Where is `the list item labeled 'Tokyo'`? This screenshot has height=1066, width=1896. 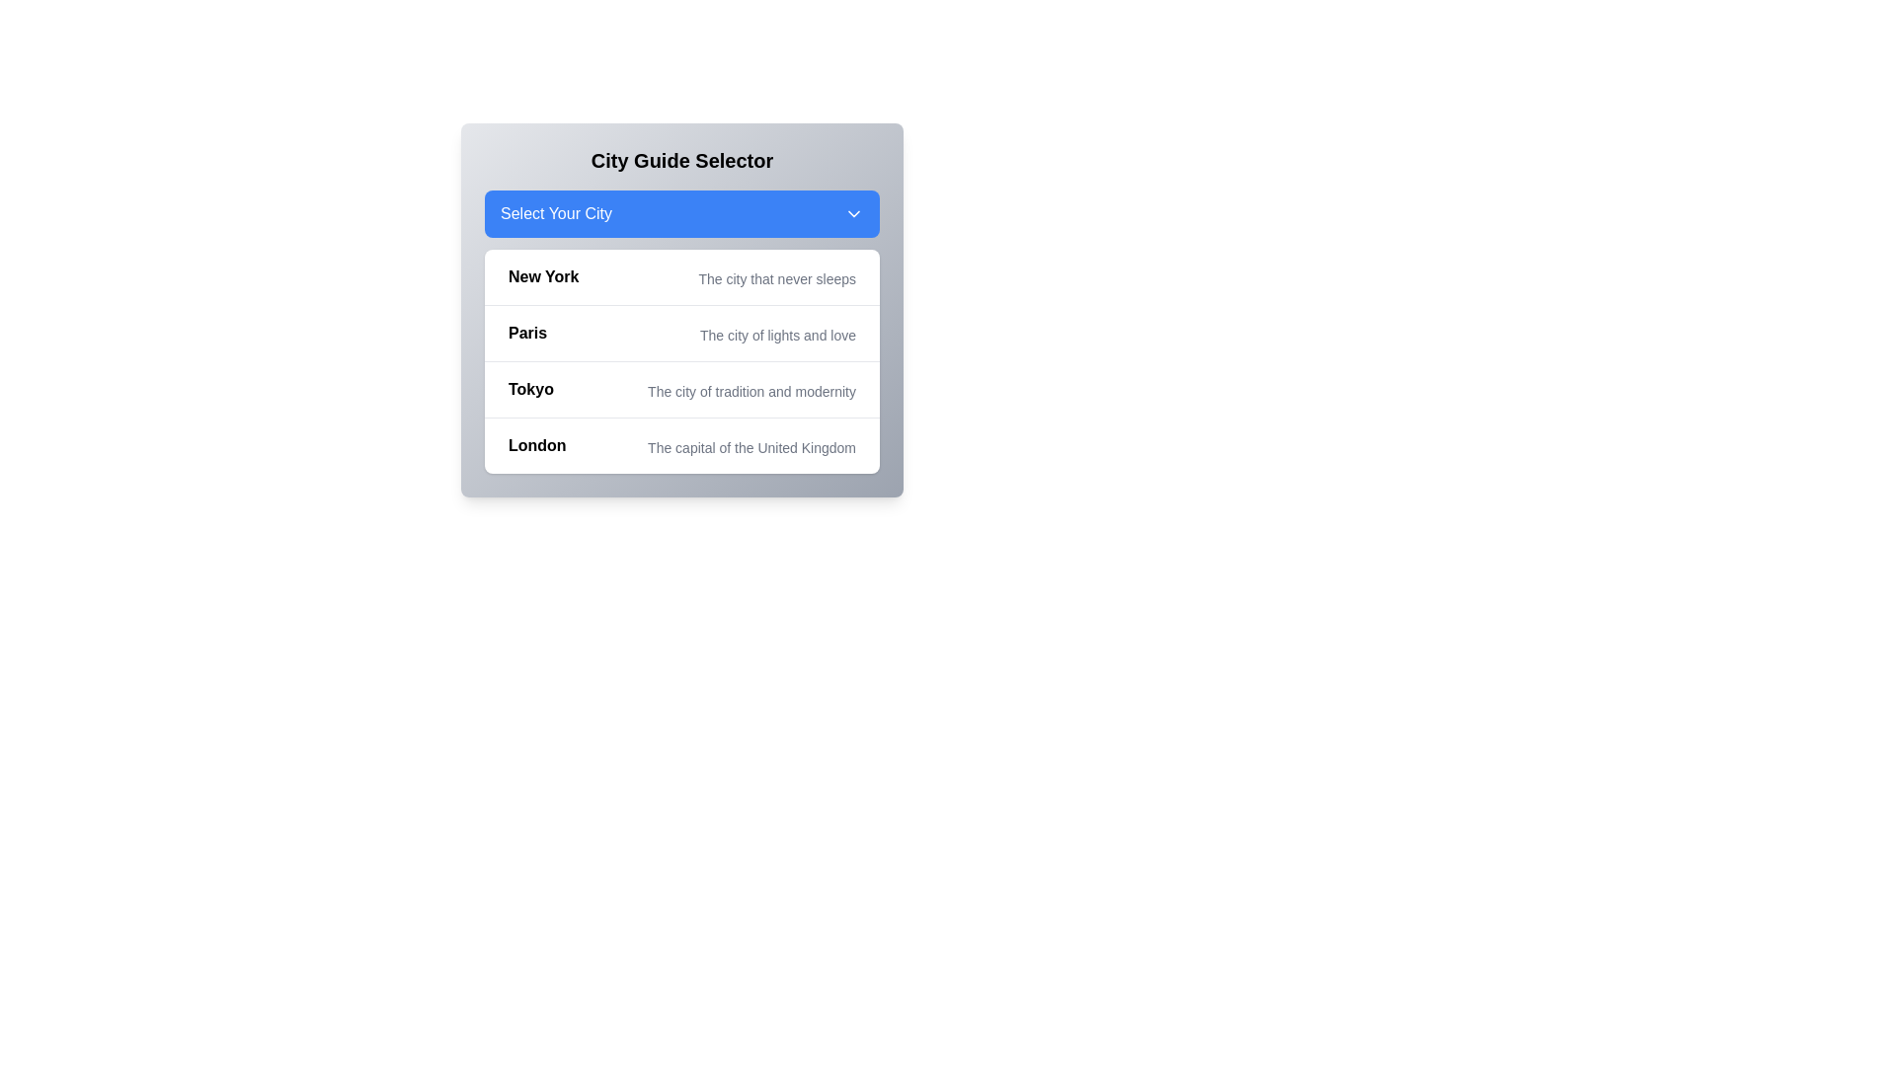
the list item labeled 'Tokyo' is located at coordinates (682, 388).